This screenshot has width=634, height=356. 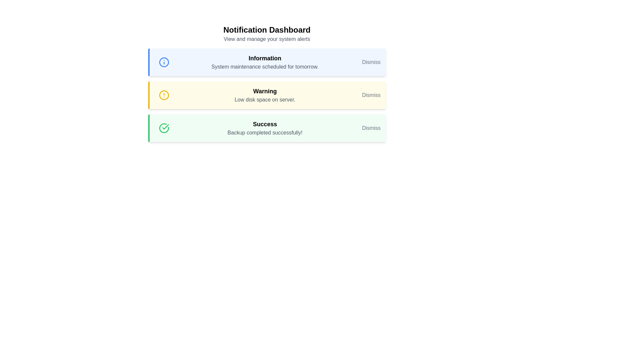 I want to click on the 'Dismiss' button located at the top-right corner of the 'Information' notification card to change its text color, so click(x=371, y=62).